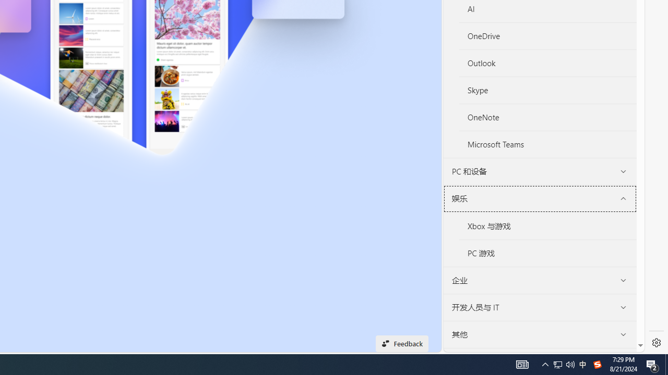 This screenshot has height=375, width=668. Describe the element at coordinates (547, 36) in the screenshot. I see `'OneDrive'` at that location.